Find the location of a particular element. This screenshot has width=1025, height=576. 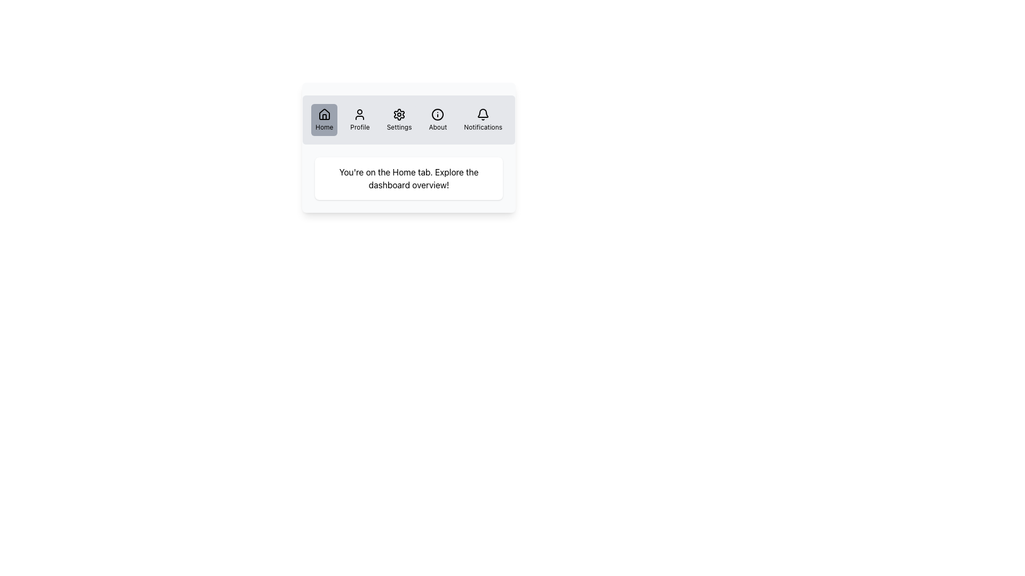

the 'Home' button, which is a rectangular button with a light gray background and a house icon is located at coordinates (324, 119).